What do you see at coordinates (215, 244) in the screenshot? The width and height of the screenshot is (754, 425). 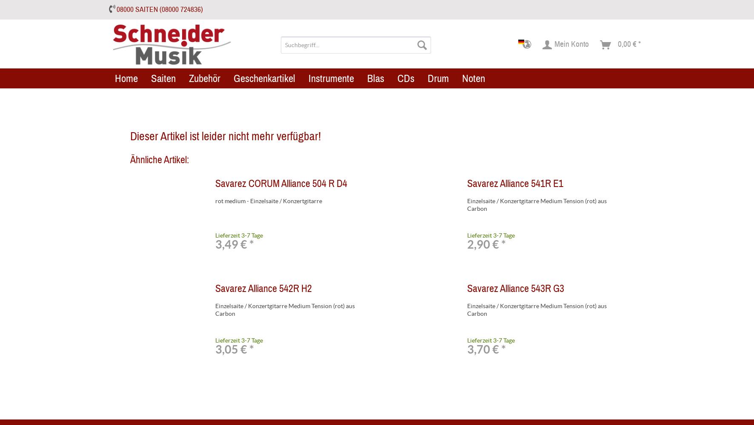 I see `'3,49 €
*'` at bounding box center [215, 244].